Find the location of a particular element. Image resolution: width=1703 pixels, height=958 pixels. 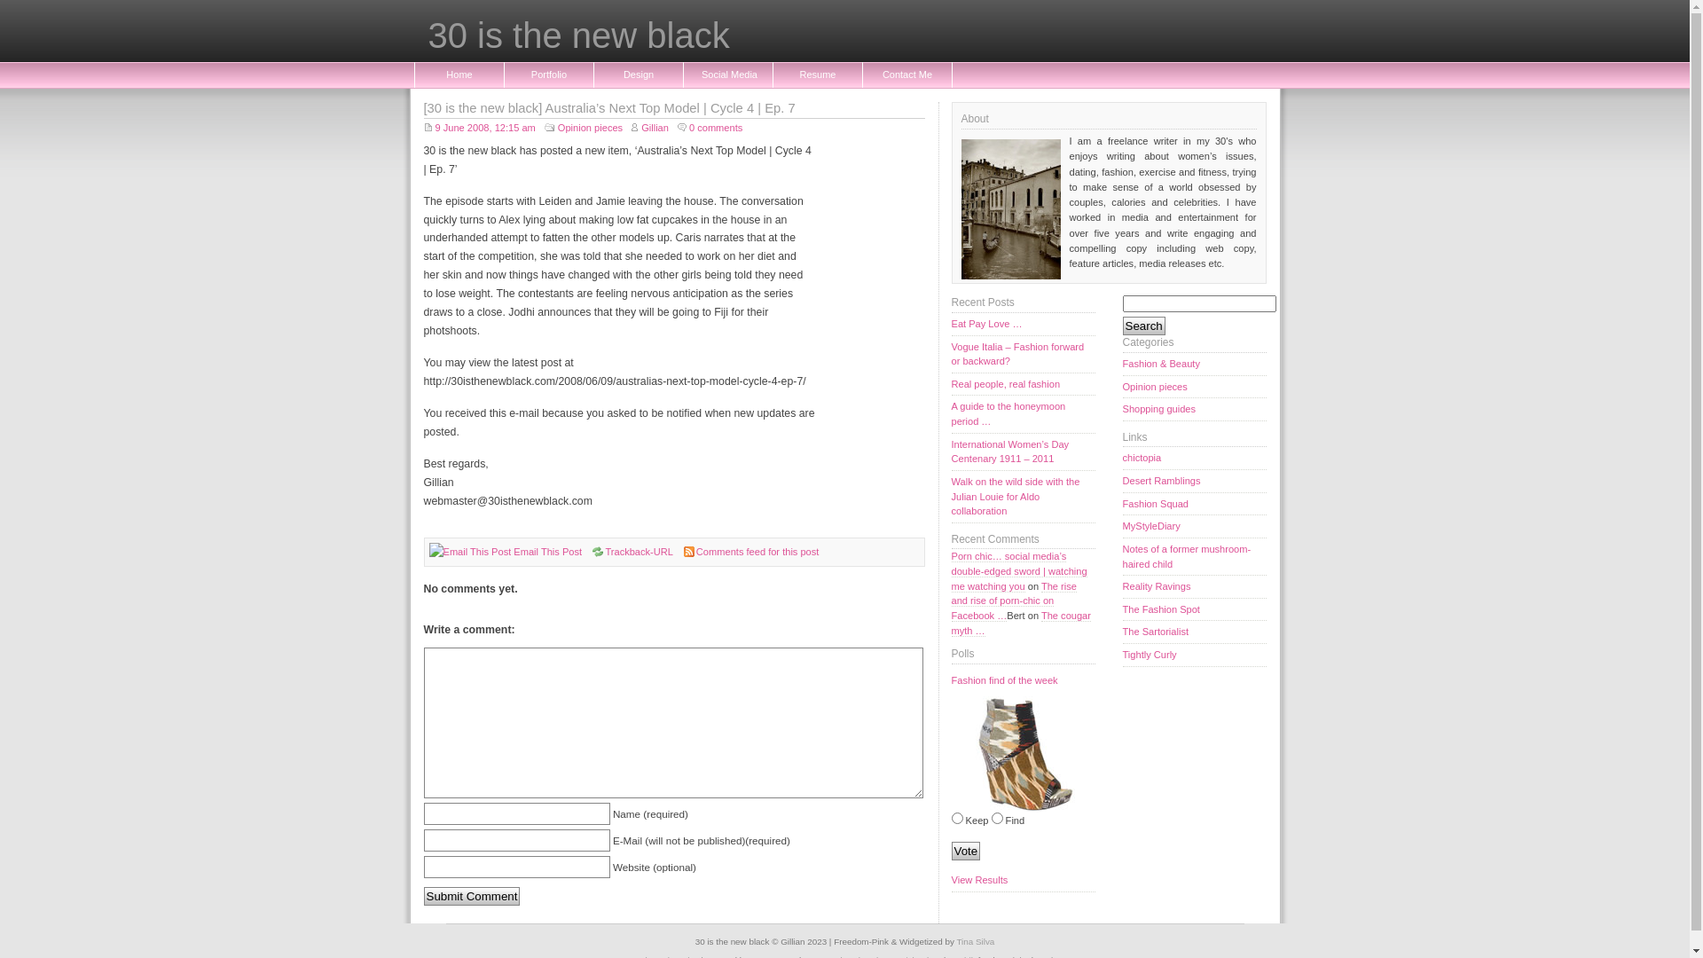

'Fashion & Beauty' is located at coordinates (1195, 364).